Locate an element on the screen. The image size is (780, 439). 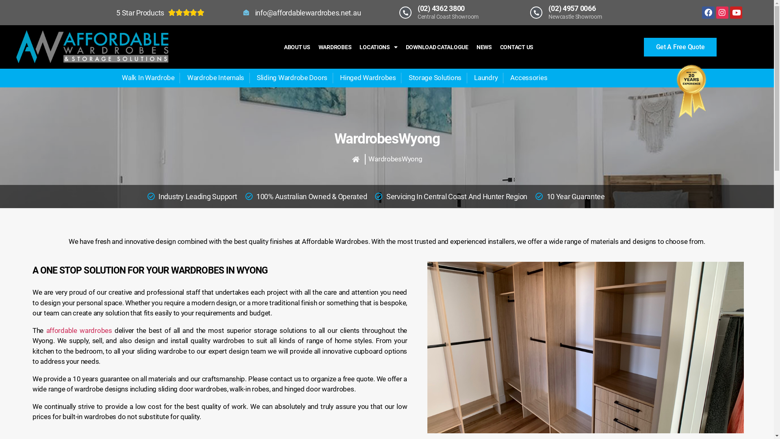
'Wardrobe Internals' is located at coordinates (214, 78).